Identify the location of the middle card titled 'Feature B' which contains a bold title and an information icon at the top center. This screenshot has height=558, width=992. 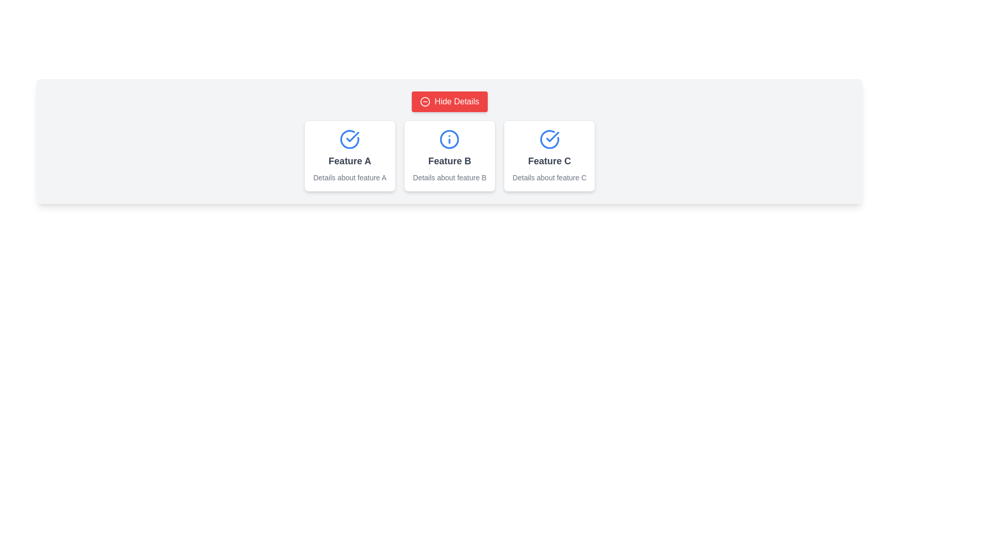
(450, 156).